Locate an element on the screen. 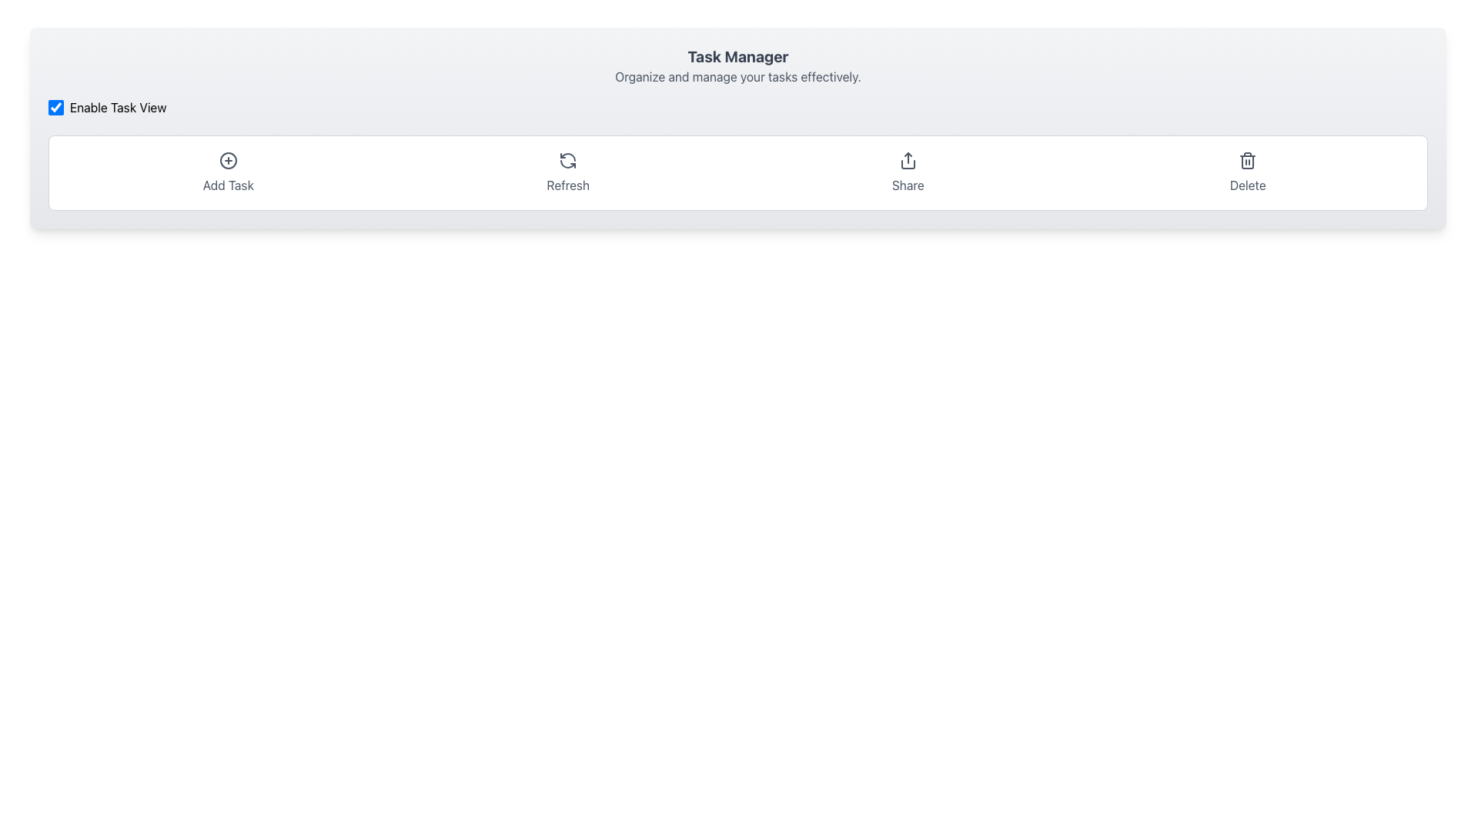 The image size is (1478, 831). the share icon, which is an upward arrow with a gray stroke, located in the horizontal toolbar at the top of the application interface is located at coordinates (908, 160).